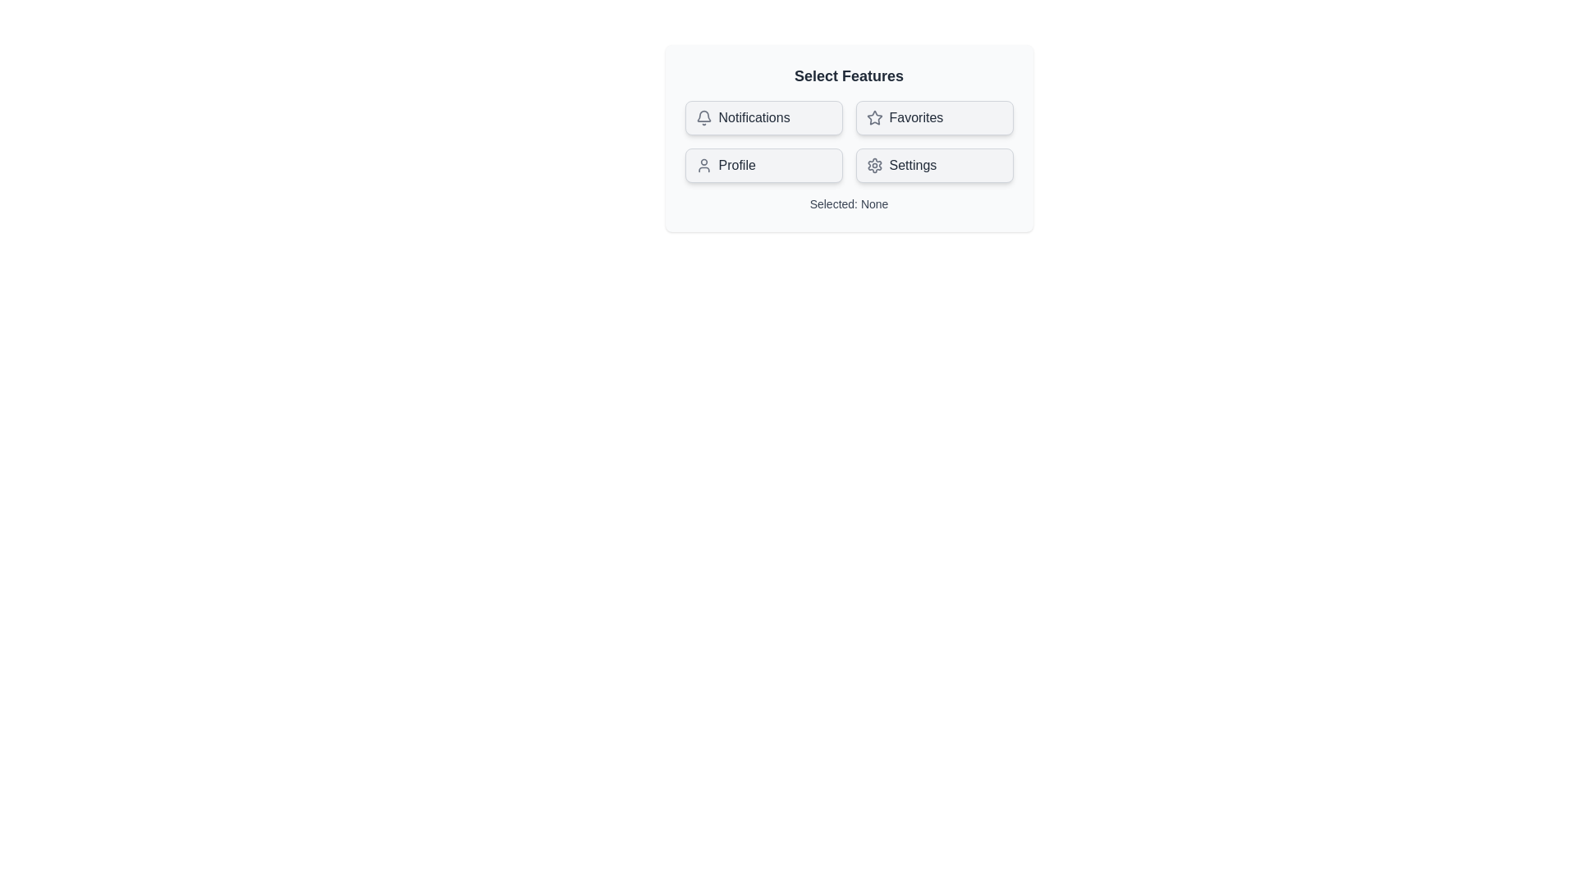 This screenshot has height=886, width=1576. What do you see at coordinates (763, 116) in the screenshot?
I see `the 'Notifications' chip to toggle its state` at bounding box center [763, 116].